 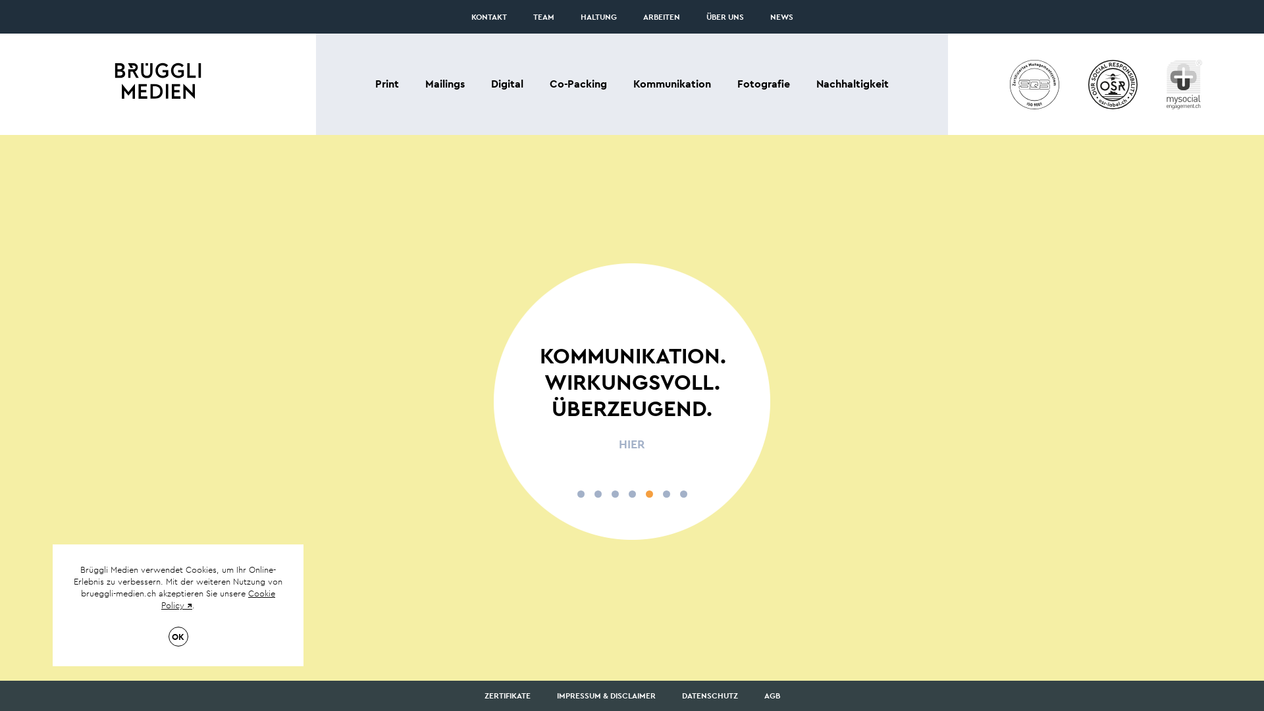 What do you see at coordinates (781, 17) in the screenshot?
I see `'NEWS'` at bounding box center [781, 17].